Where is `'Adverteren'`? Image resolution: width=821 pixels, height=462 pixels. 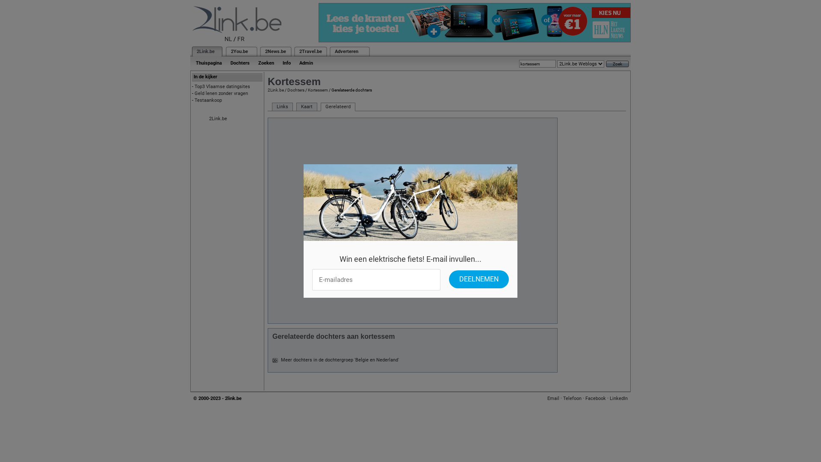
'Adverteren' is located at coordinates (346, 51).